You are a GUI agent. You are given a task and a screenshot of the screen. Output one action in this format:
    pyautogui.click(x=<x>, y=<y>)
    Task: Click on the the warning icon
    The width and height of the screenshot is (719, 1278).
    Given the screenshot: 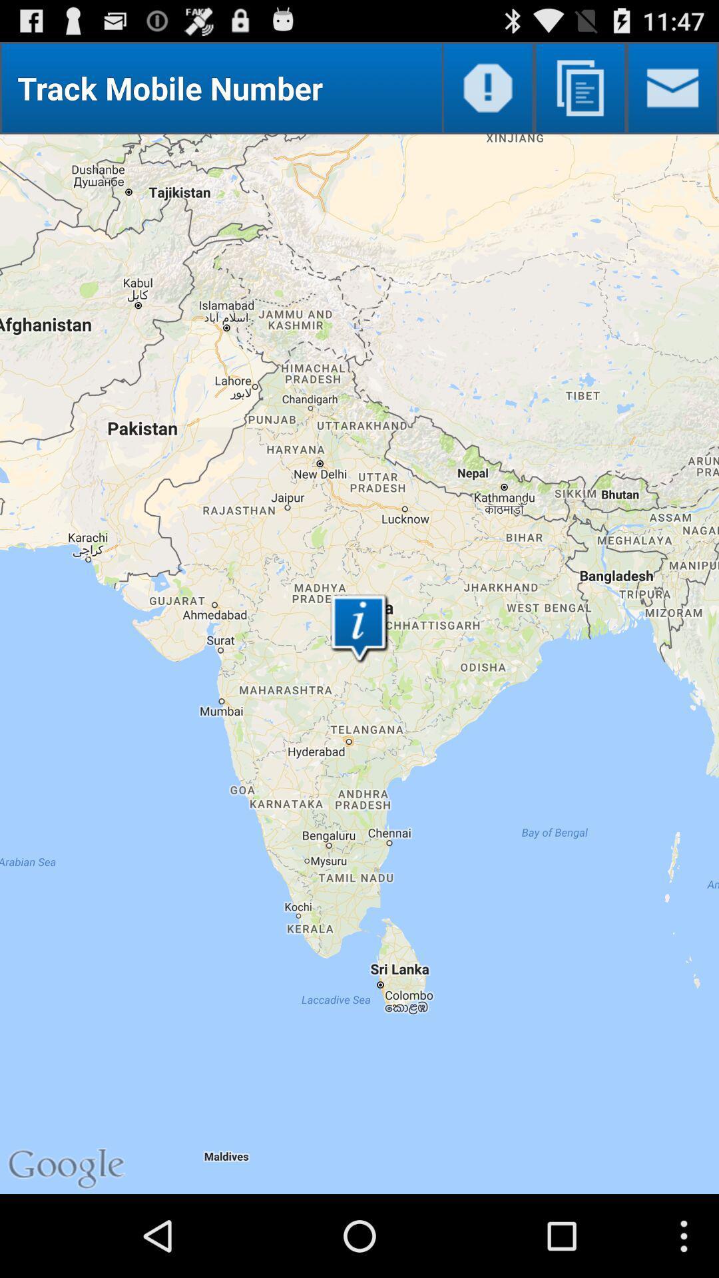 What is the action you would take?
    pyautogui.click(x=488, y=93)
    